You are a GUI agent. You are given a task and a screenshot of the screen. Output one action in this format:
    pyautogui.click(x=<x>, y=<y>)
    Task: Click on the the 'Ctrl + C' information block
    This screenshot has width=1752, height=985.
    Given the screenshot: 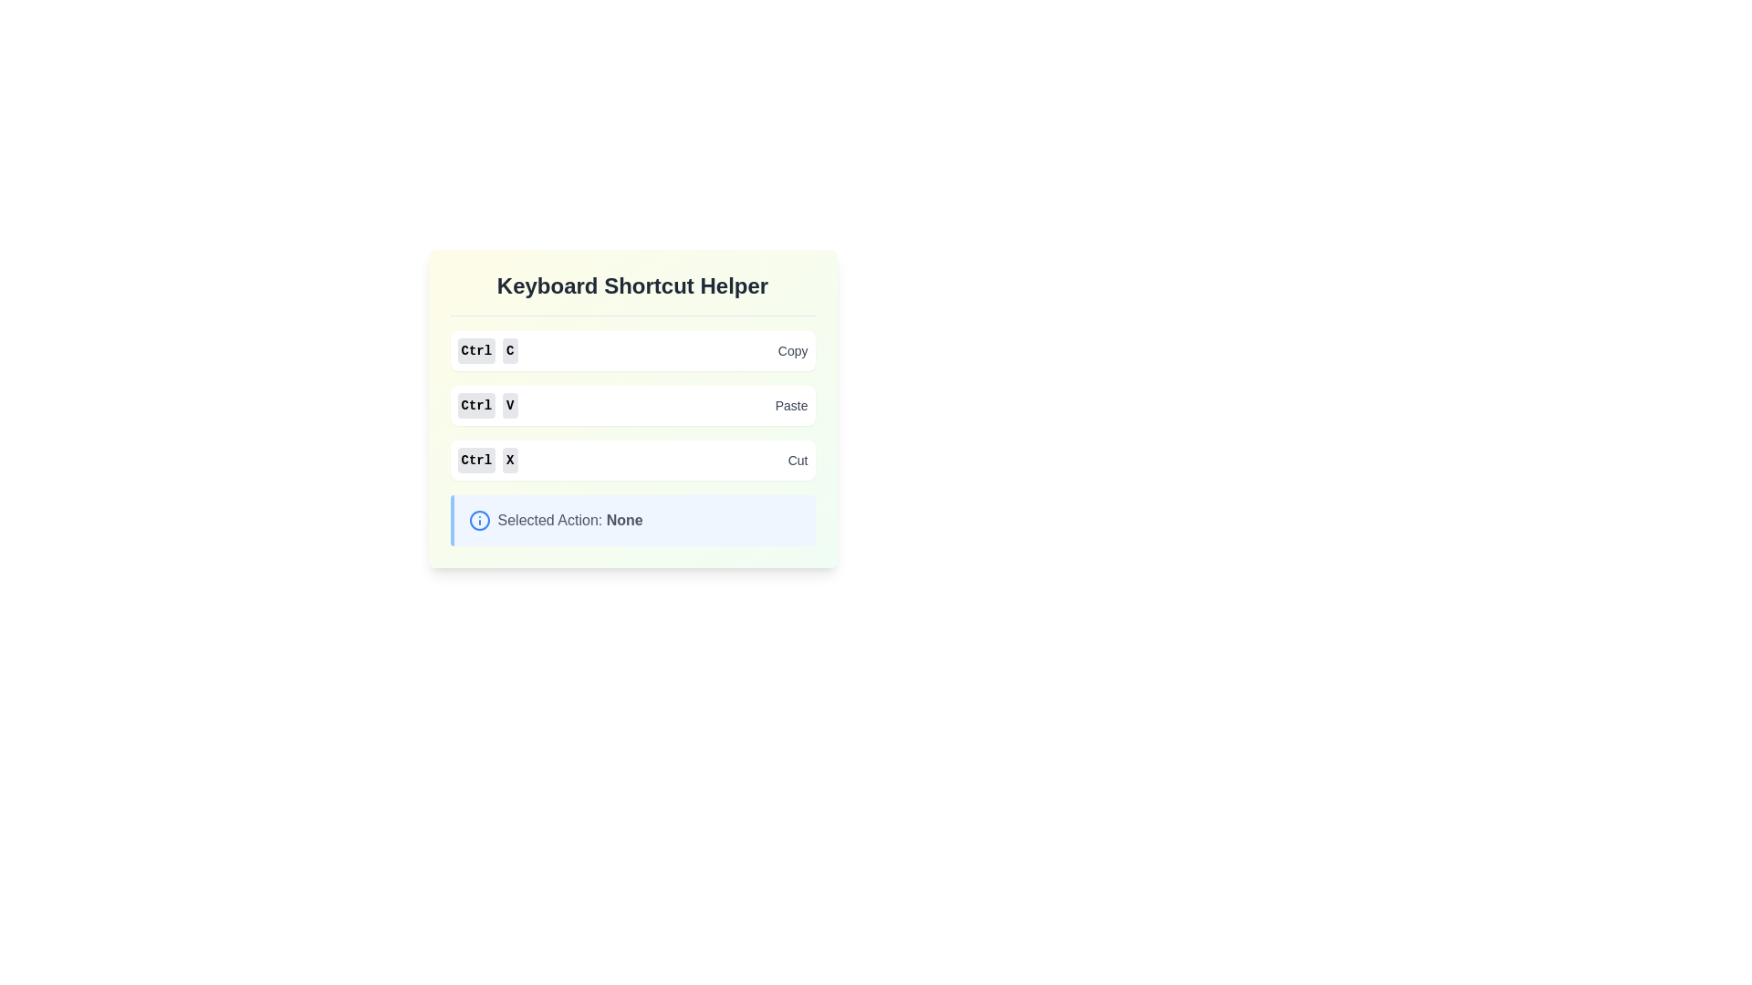 What is the action you would take?
    pyautogui.click(x=632, y=351)
    